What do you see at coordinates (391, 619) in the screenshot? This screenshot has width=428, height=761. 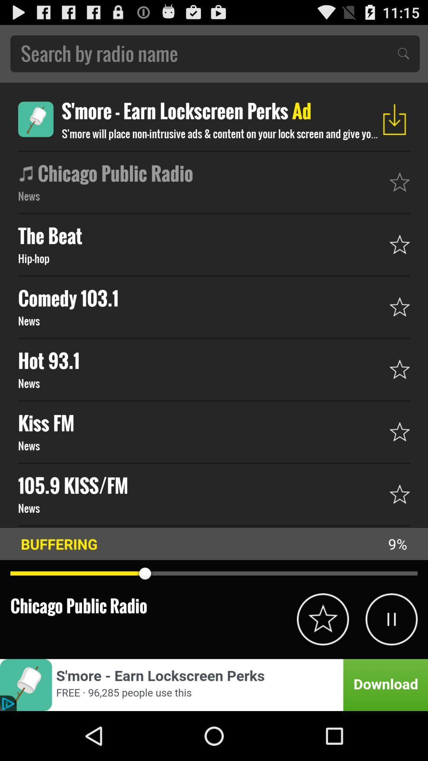 I see `pause` at bounding box center [391, 619].